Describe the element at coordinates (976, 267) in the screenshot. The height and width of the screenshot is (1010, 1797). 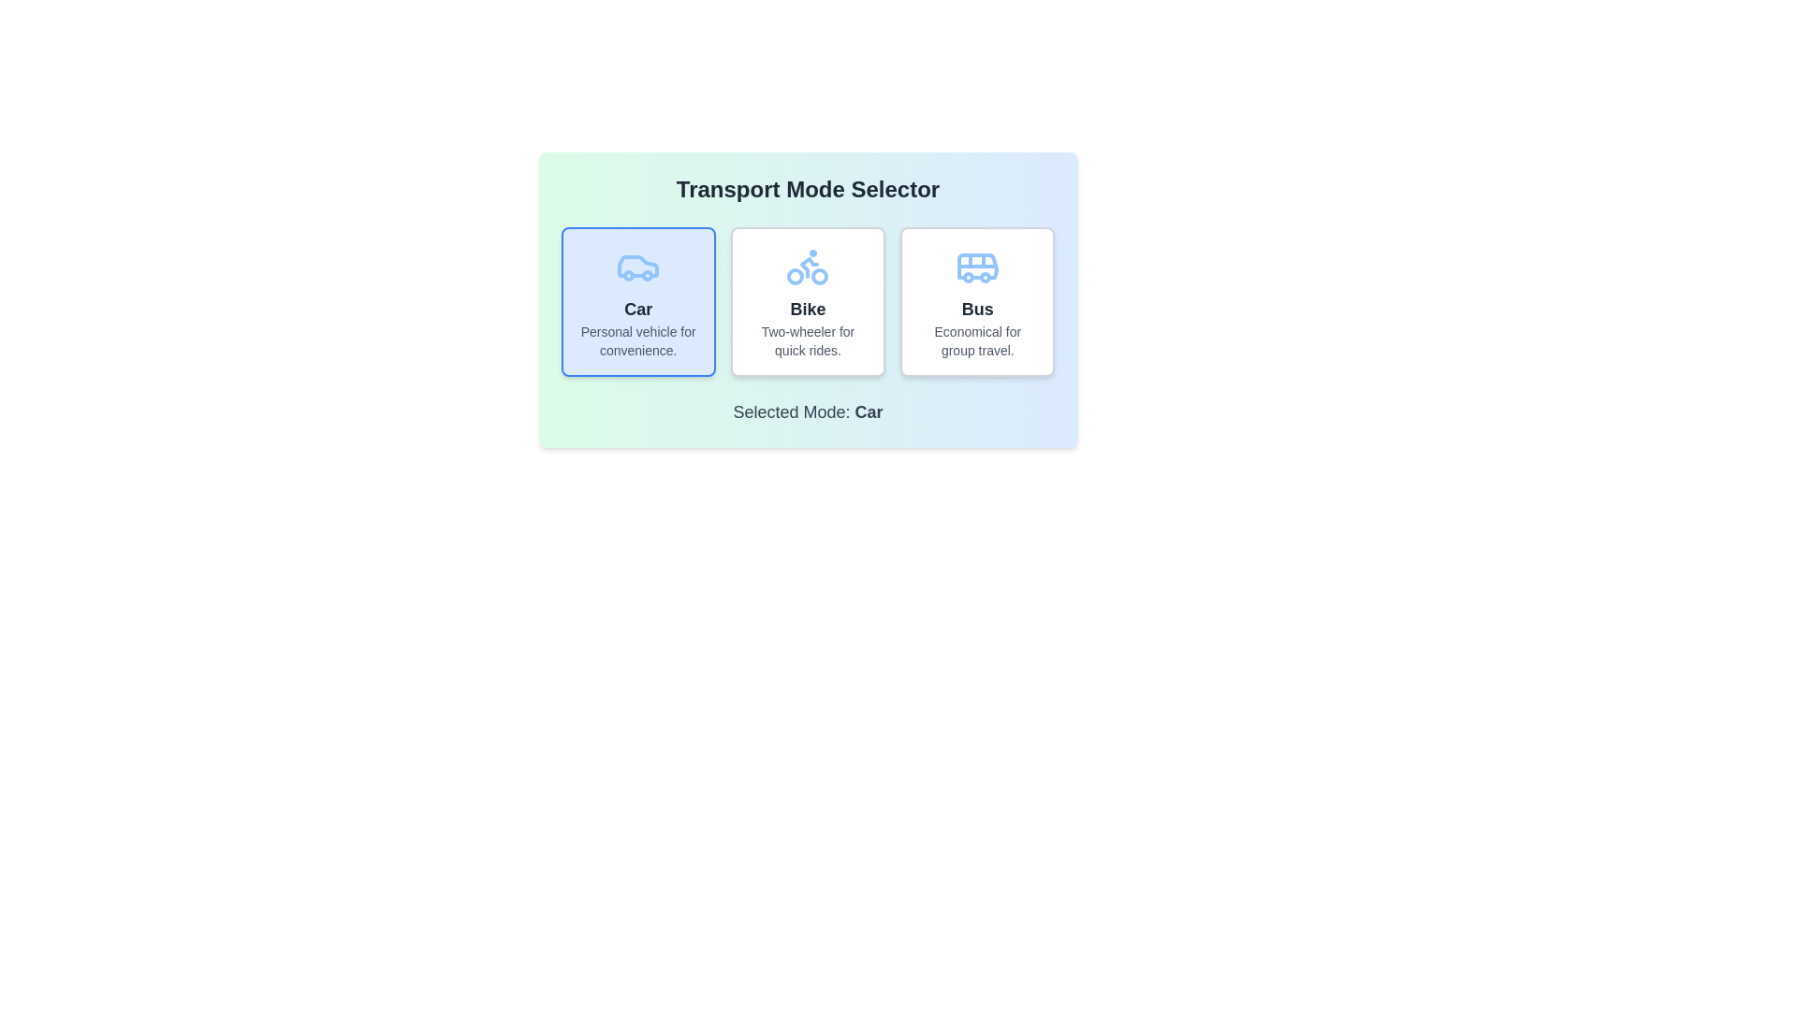
I see `the bus icon located at the top of the third option card labeled 'Bus' in the transport mode selector interface` at that location.